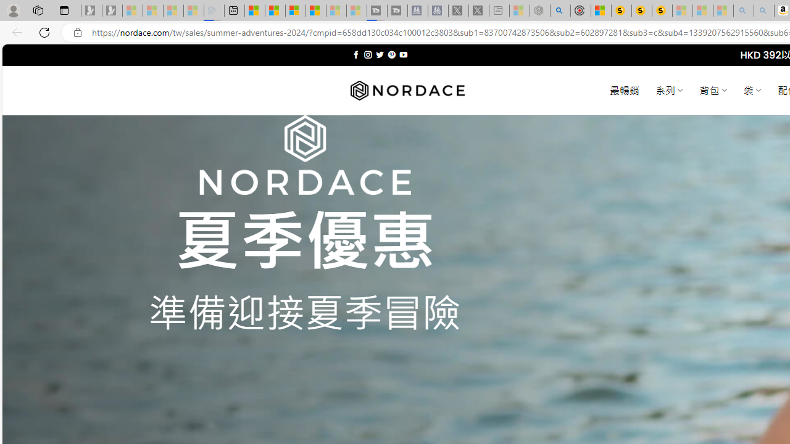 This screenshot has width=790, height=444. I want to click on 'Follow on Instagram', so click(367, 54).